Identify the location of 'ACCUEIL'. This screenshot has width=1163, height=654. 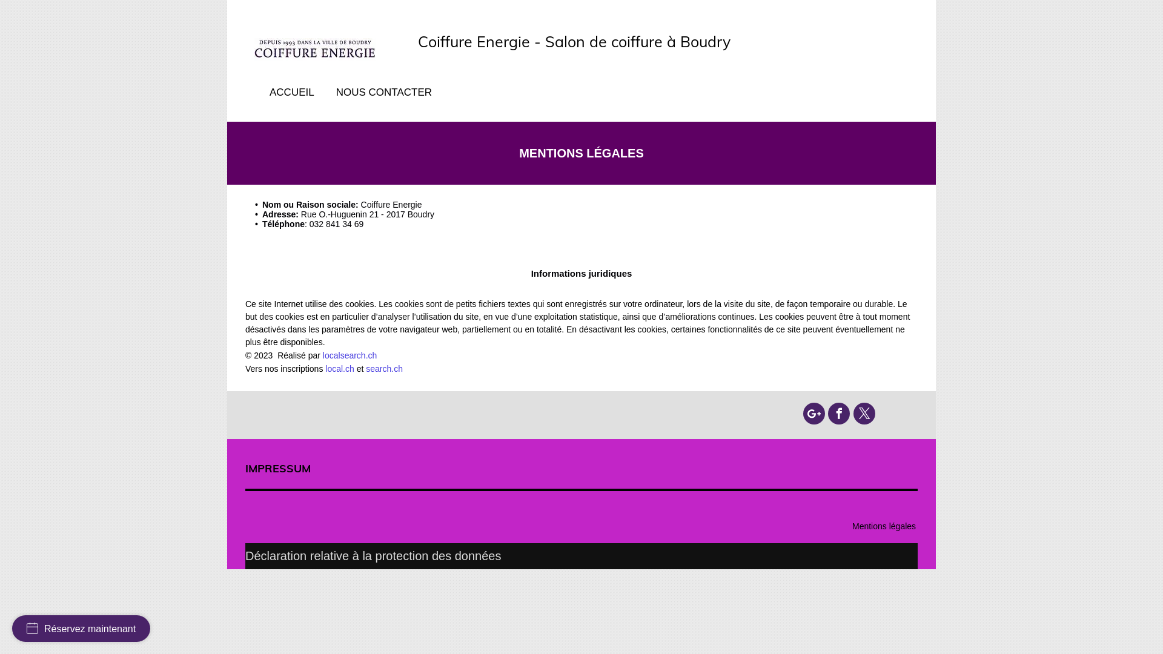
(293, 92).